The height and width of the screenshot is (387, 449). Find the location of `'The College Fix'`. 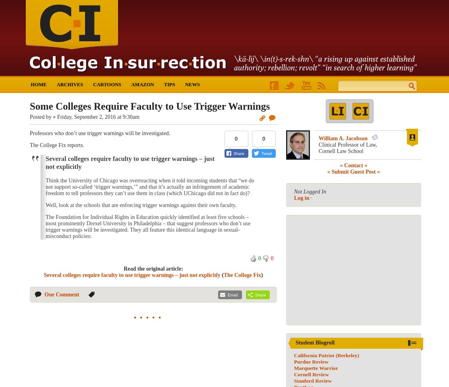

'The College Fix' is located at coordinates (242, 275).